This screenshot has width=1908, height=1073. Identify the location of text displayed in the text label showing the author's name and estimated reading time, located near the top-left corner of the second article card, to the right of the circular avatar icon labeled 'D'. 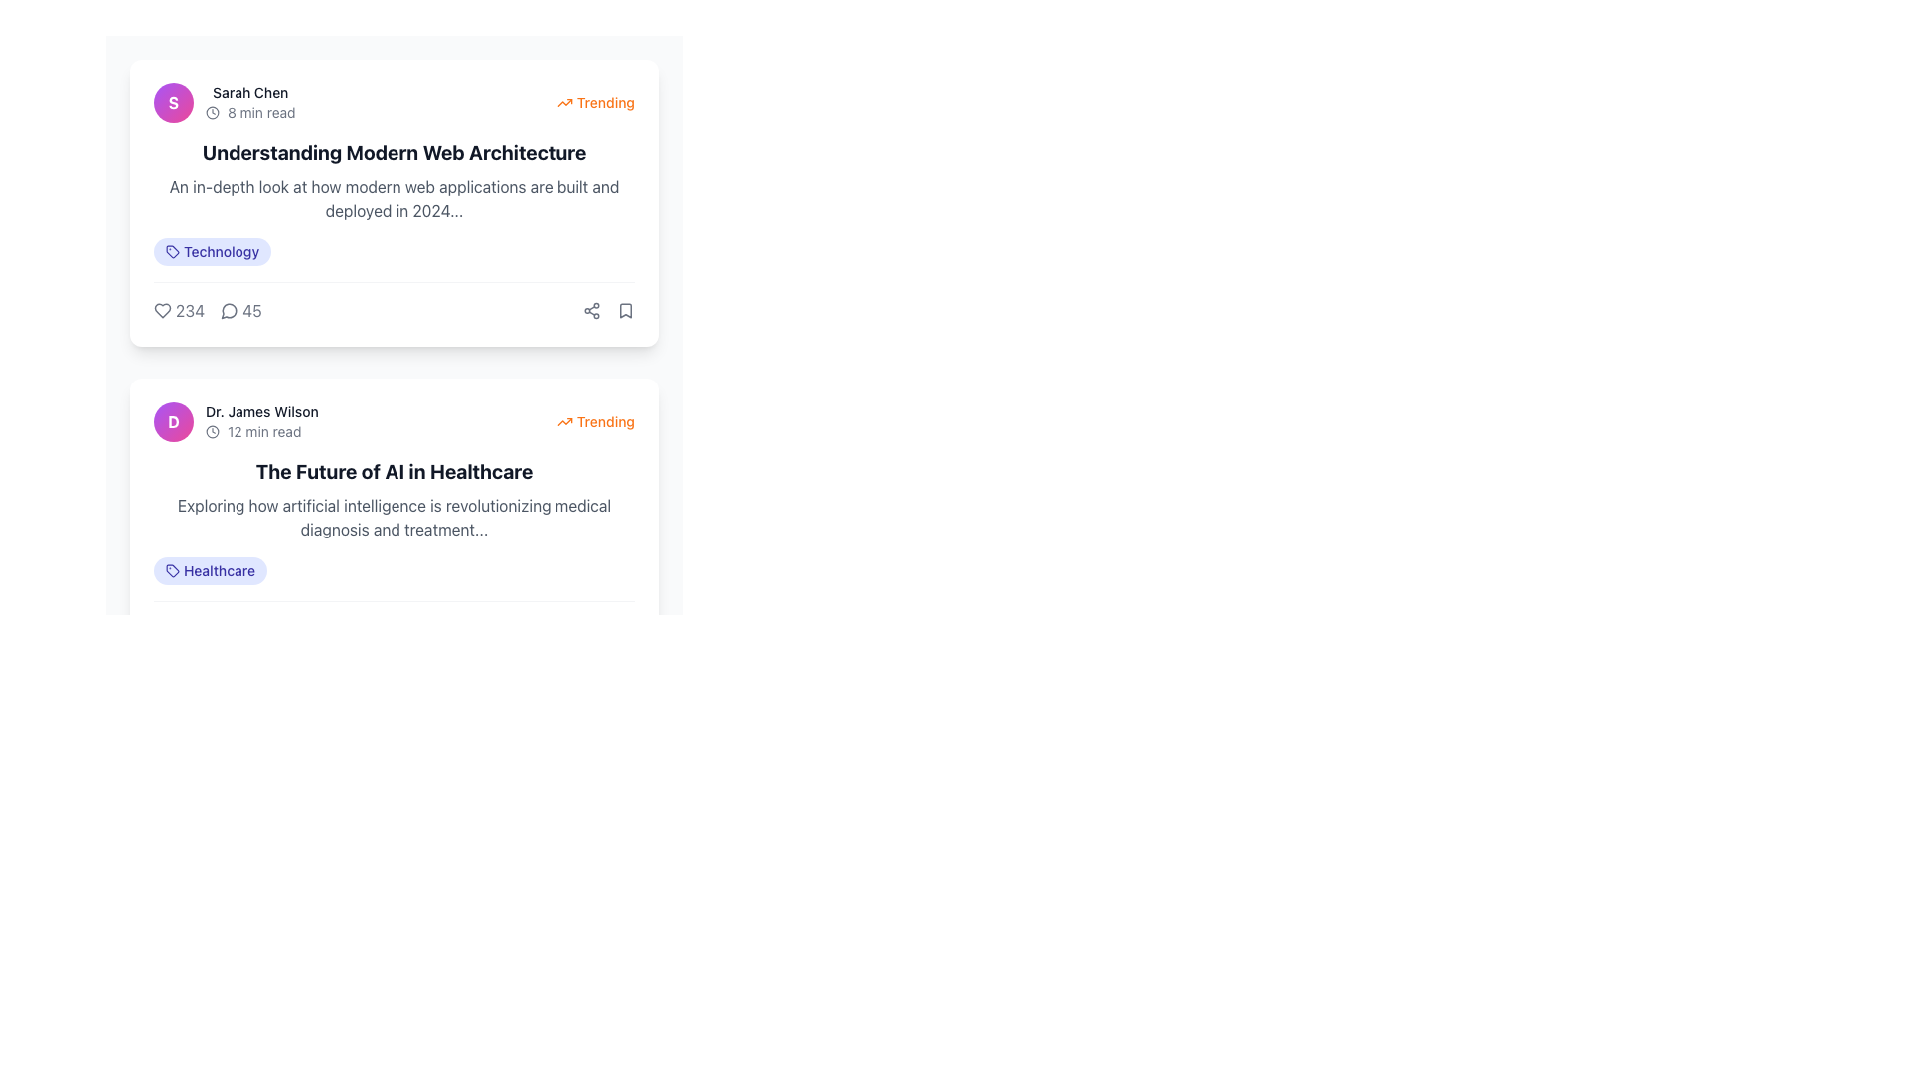
(260, 420).